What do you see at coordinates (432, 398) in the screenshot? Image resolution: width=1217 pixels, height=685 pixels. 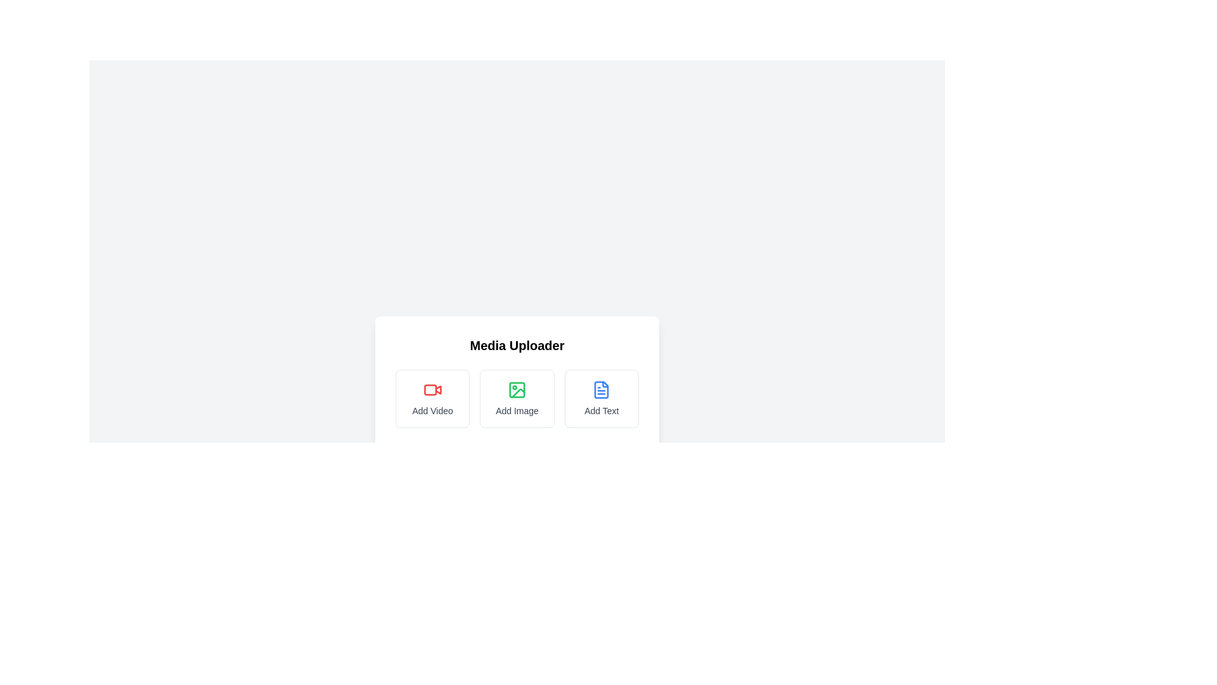 I see `the video upload button, which is the first button in a row of three, located to the left of the 'Add Image' button and above the 'Media Uploader' label` at bounding box center [432, 398].